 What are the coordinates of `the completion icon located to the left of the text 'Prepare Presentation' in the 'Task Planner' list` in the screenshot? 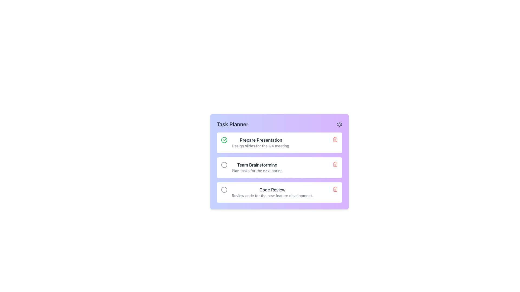 It's located at (224, 140).